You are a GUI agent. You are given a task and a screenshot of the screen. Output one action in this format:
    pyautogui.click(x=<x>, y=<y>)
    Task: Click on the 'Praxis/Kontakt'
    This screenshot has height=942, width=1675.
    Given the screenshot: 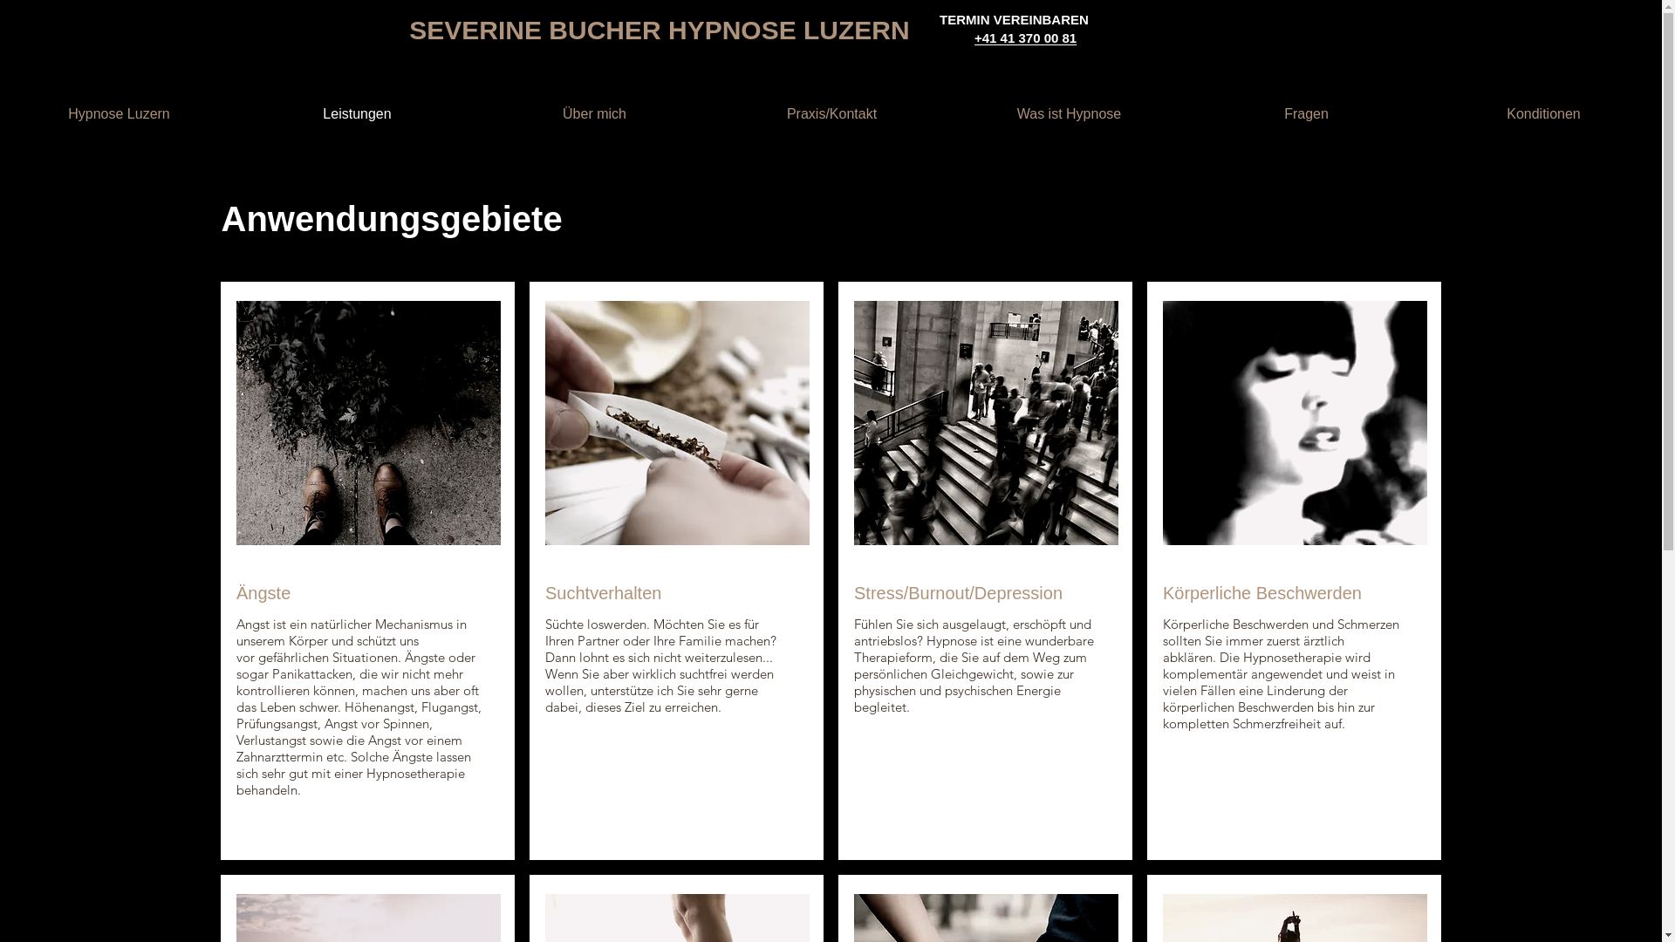 What is the action you would take?
    pyautogui.click(x=831, y=114)
    